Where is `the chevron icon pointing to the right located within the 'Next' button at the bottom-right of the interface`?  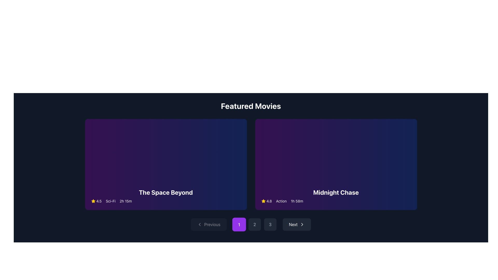 the chevron icon pointing to the right located within the 'Next' button at the bottom-right of the interface is located at coordinates (302, 224).